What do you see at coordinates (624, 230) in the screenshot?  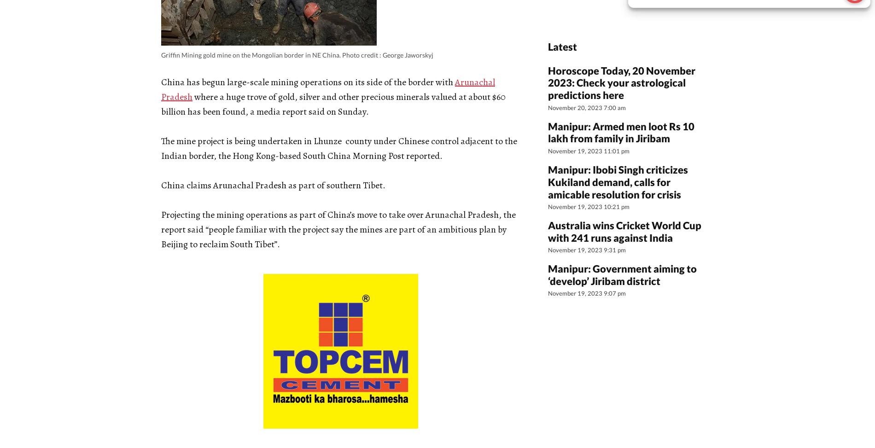 I see `'Australia wins Cricket World Cup with 241 runs against India'` at bounding box center [624, 230].